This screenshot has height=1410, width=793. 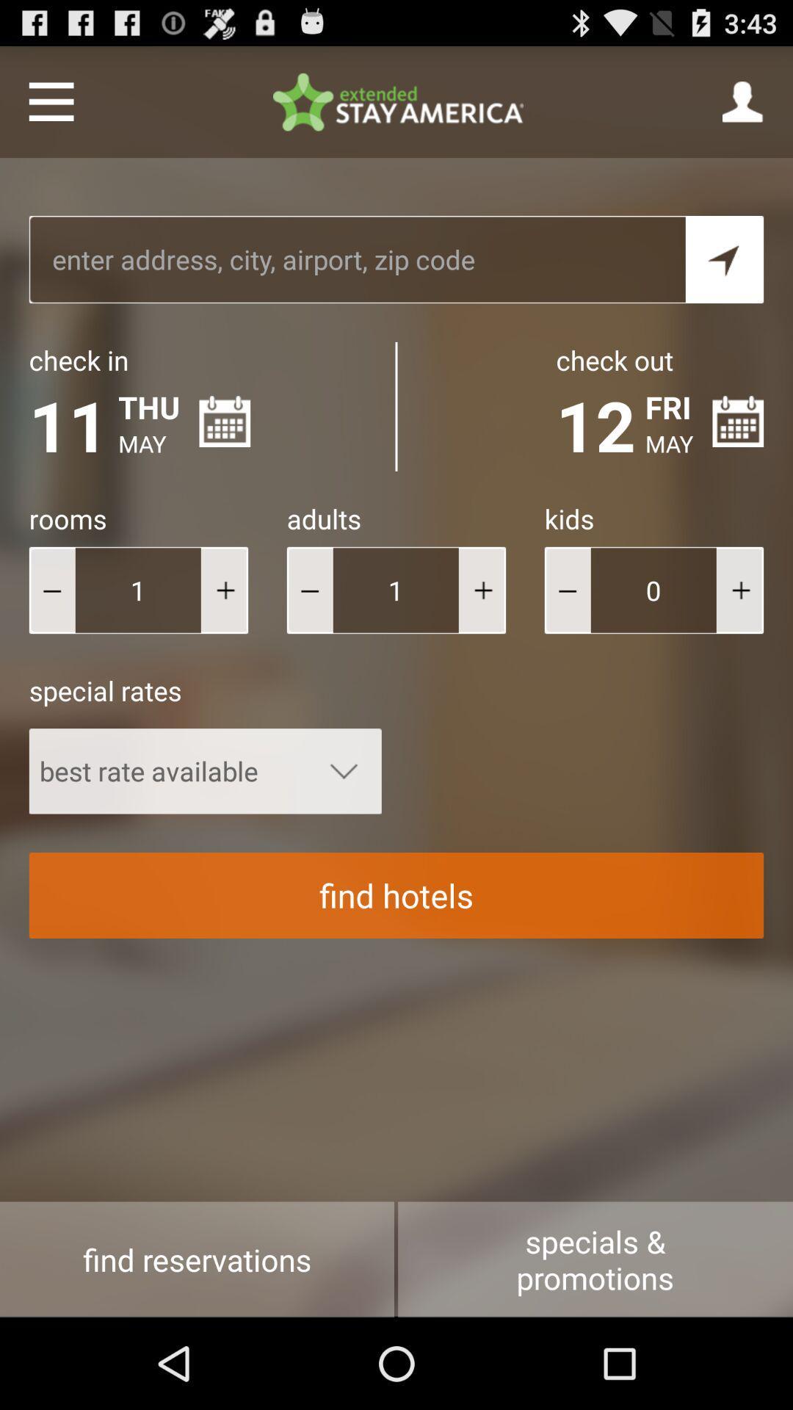 What do you see at coordinates (51, 101) in the screenshot?
I see `show menu` at bounding box center [51, 101].